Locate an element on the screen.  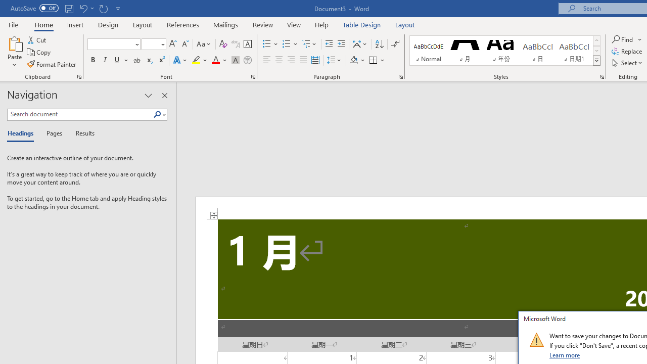
'Undo Distribute Para' is located at coordinates (83, 8).